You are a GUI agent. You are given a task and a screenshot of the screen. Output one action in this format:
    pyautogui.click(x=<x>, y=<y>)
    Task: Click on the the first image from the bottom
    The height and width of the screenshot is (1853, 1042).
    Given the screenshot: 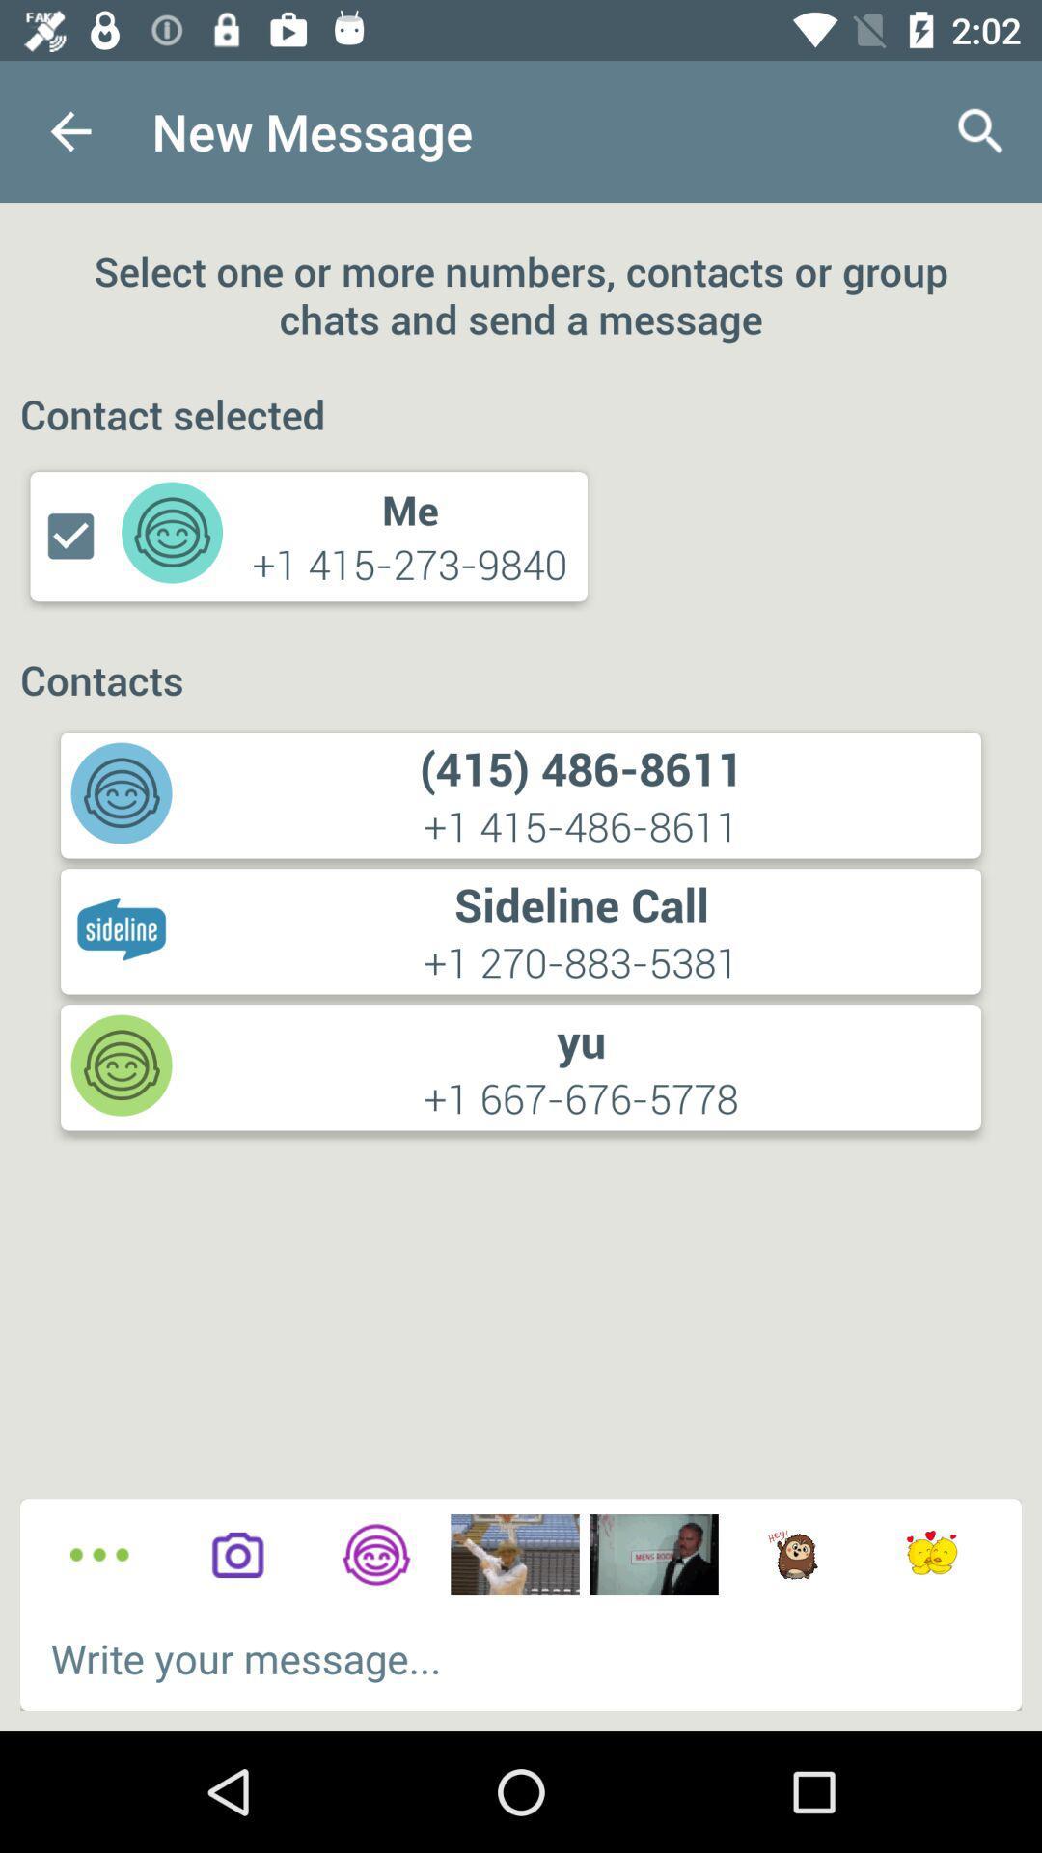 What is the action you would take?
    pyautogui.click(x=513, y=1555)
    